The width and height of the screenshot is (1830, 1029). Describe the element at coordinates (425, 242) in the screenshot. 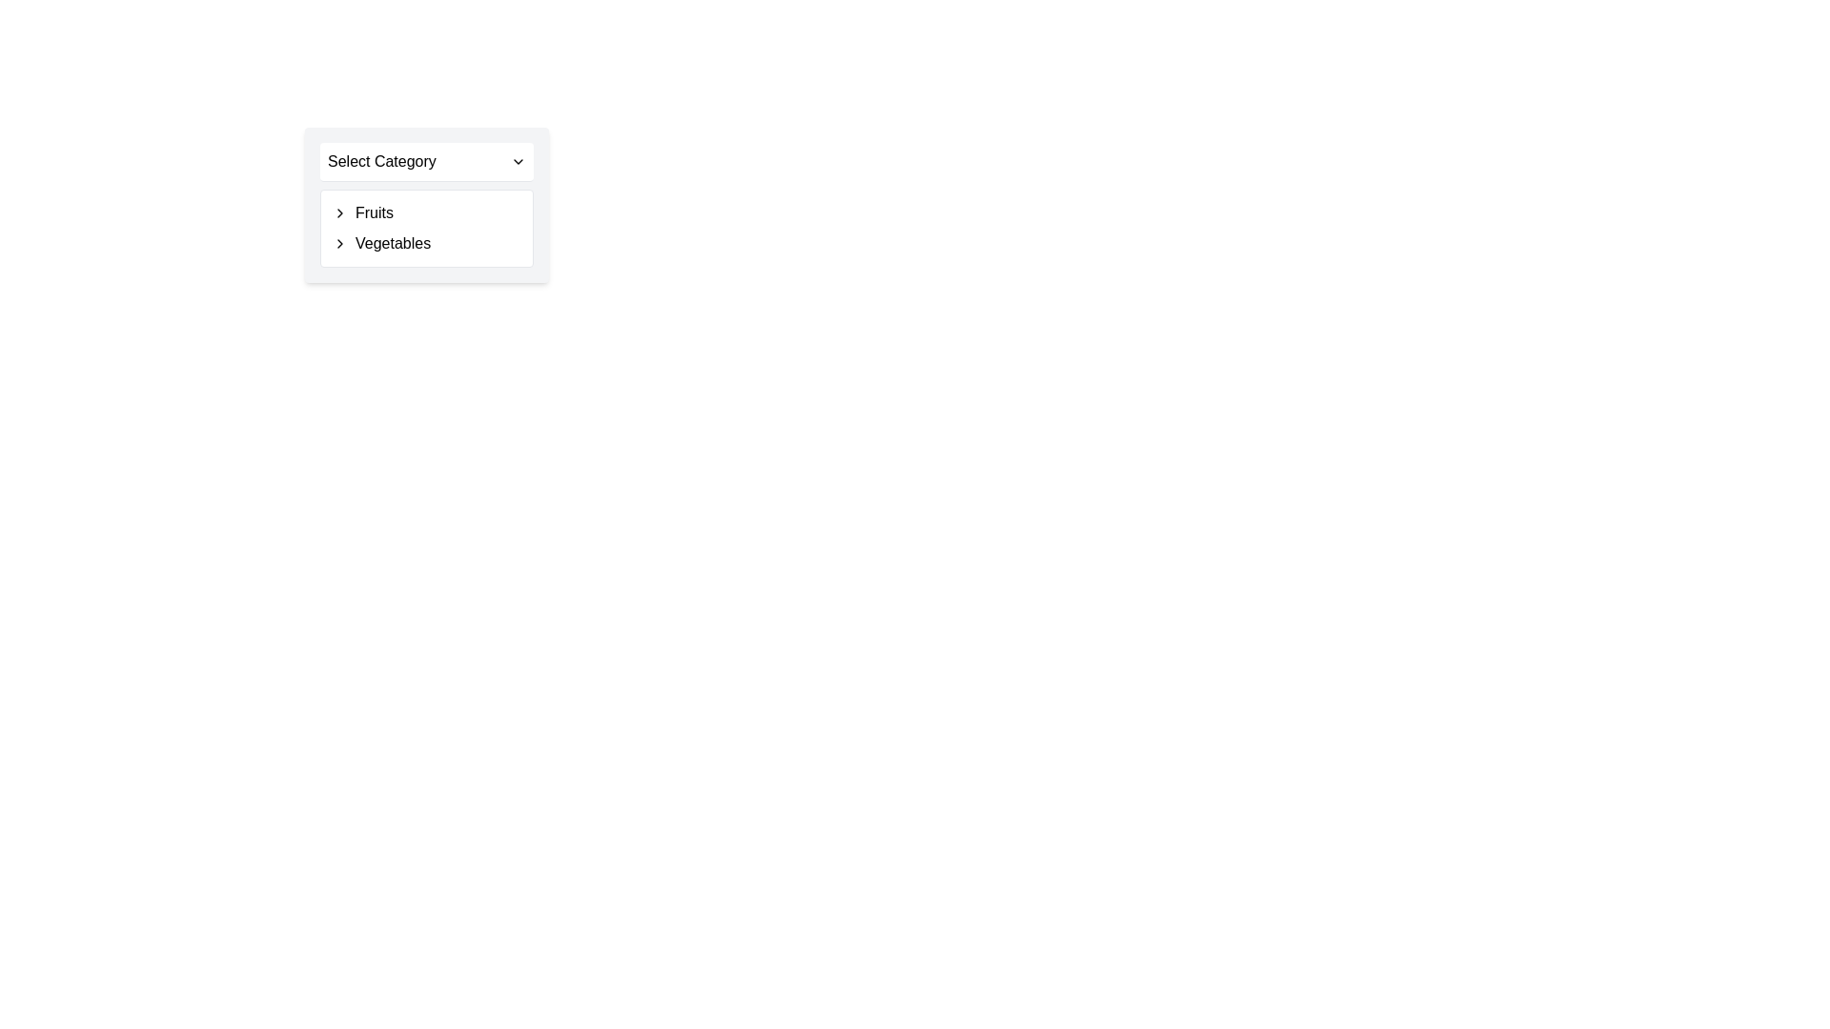

I see `the 'Vegetables' category option, which is the second item in the dropdown list below the 'Fruits' option` at that location.